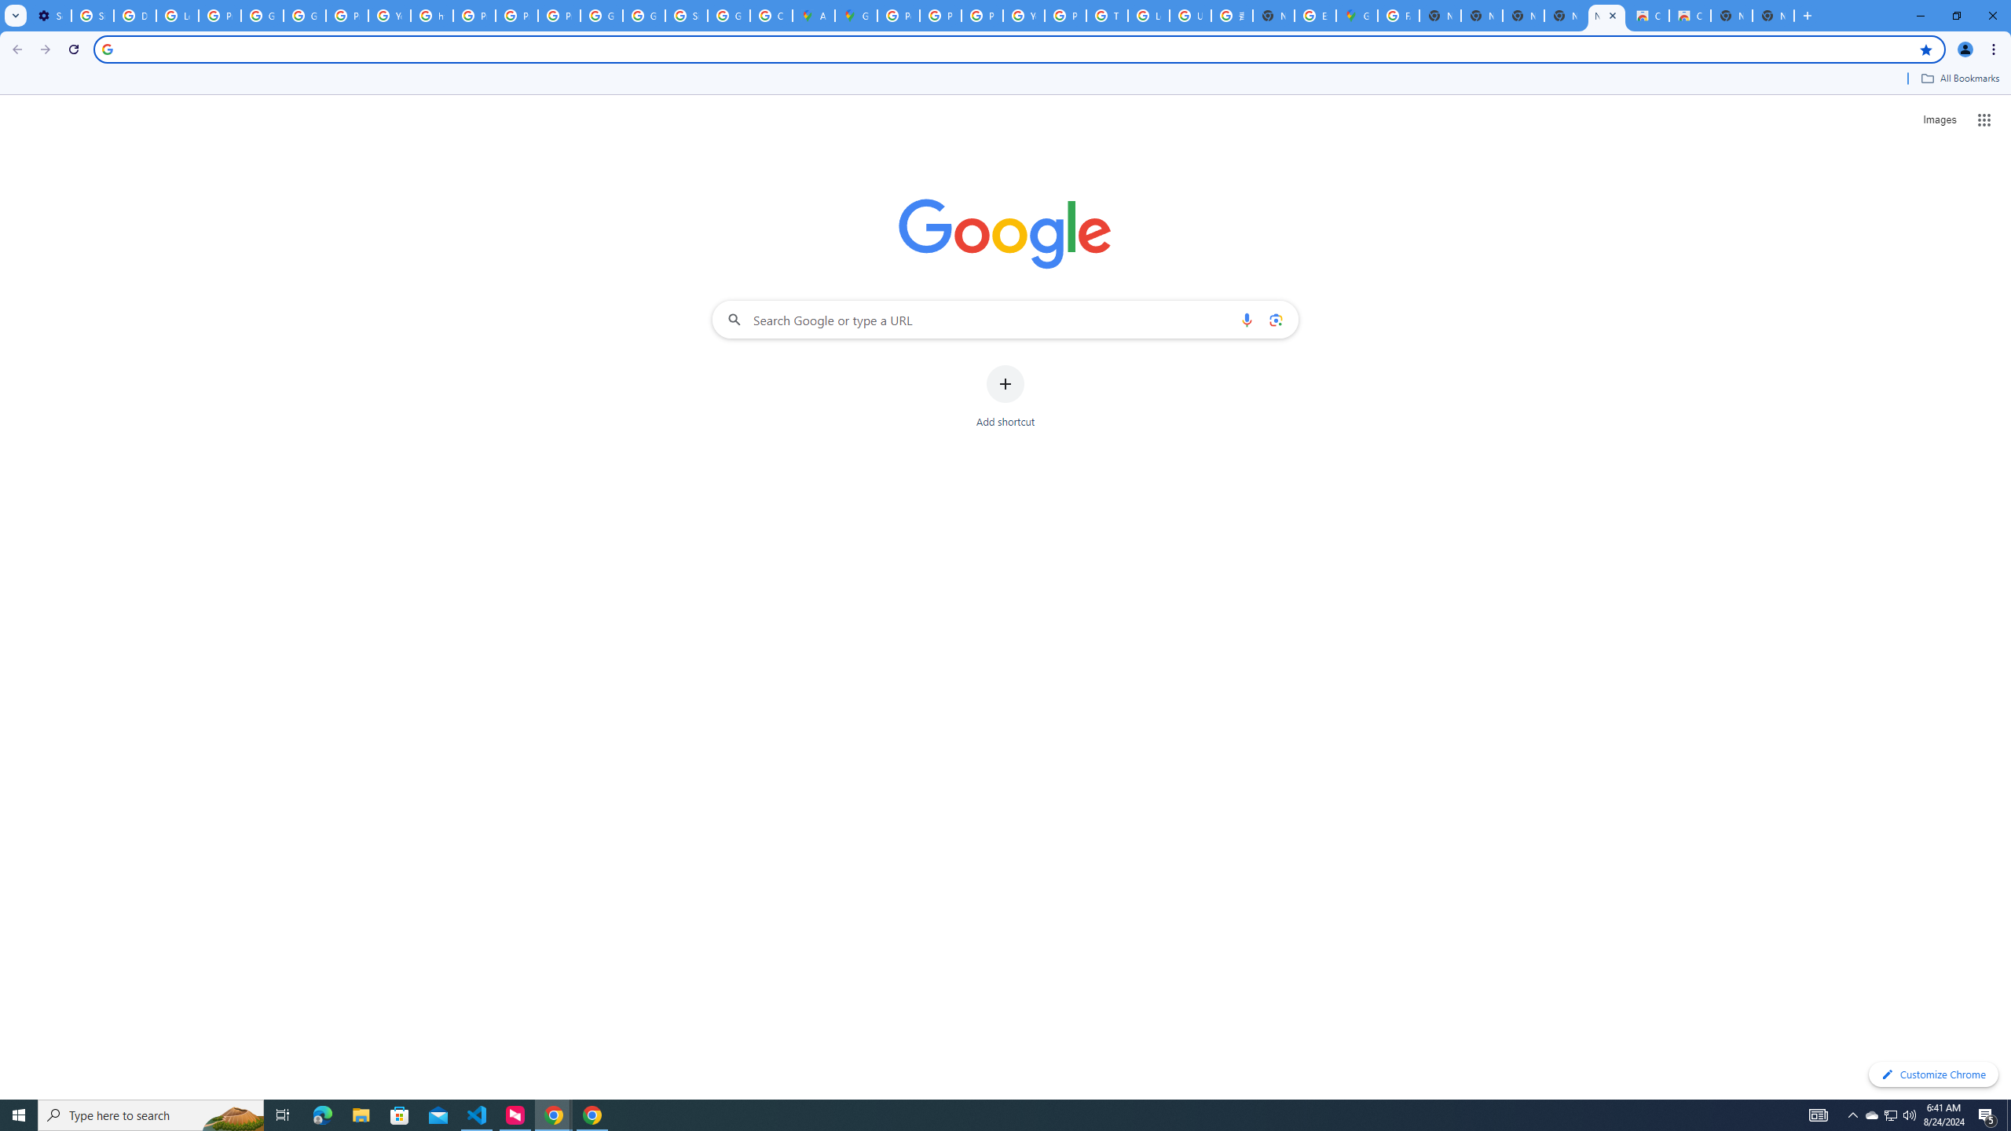  Describe the element at coordinates (1357, 15) in the screenshot. I see `'Google Maps'` at that location.